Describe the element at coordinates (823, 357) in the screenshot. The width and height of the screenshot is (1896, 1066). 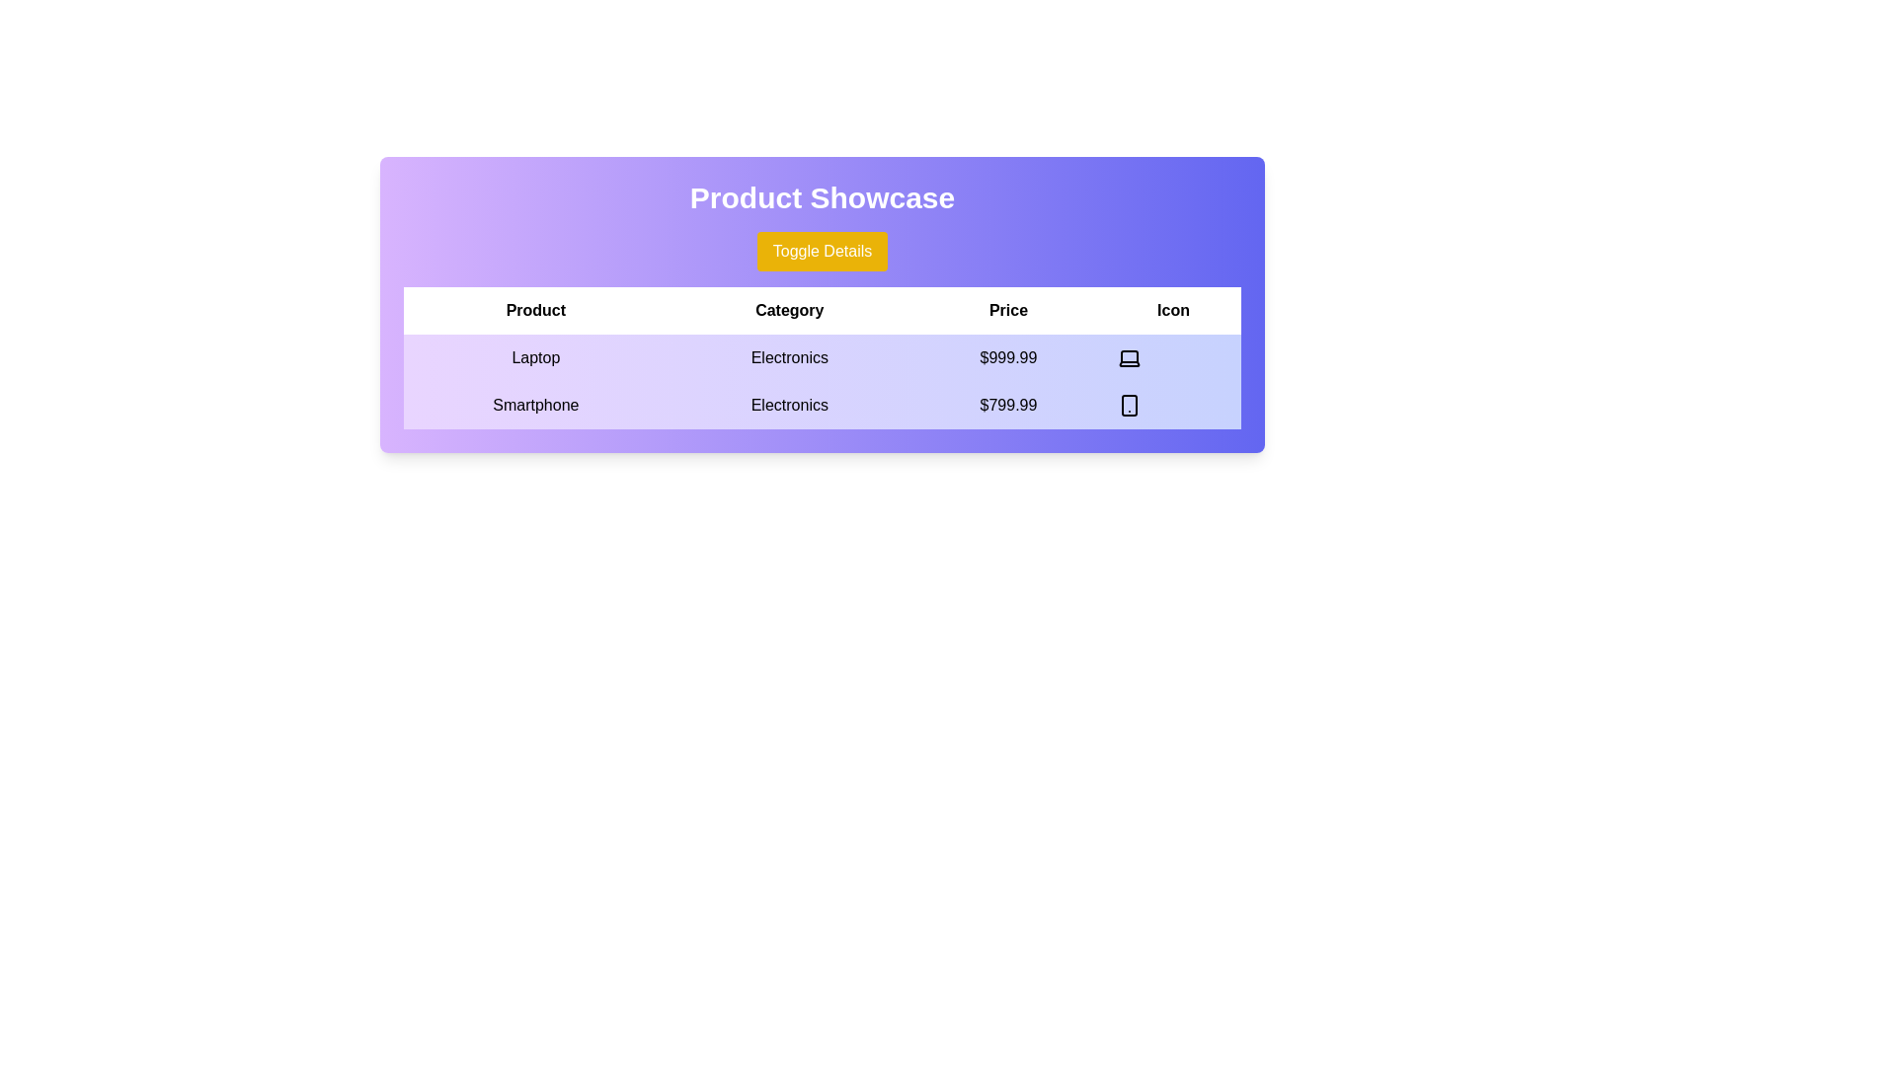
I see `the product details table located in the lower half of the card layout under the 'Product Showcase' heading` at that location.